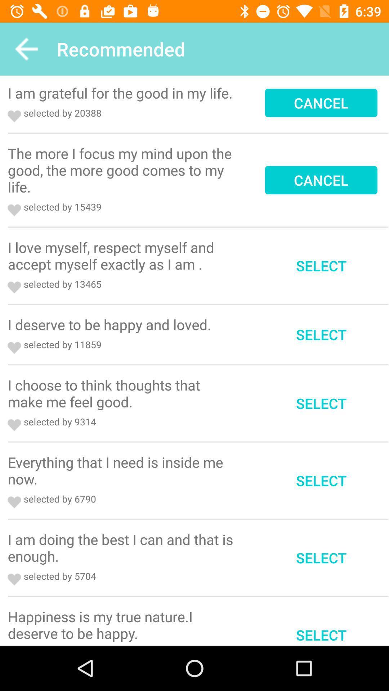 The height and width of the screenshot is (691, 389). What do you see at coordinates (26, 49) in the screenshot?
I see `item above i am grateful icon` at bounding box center [26, 49].